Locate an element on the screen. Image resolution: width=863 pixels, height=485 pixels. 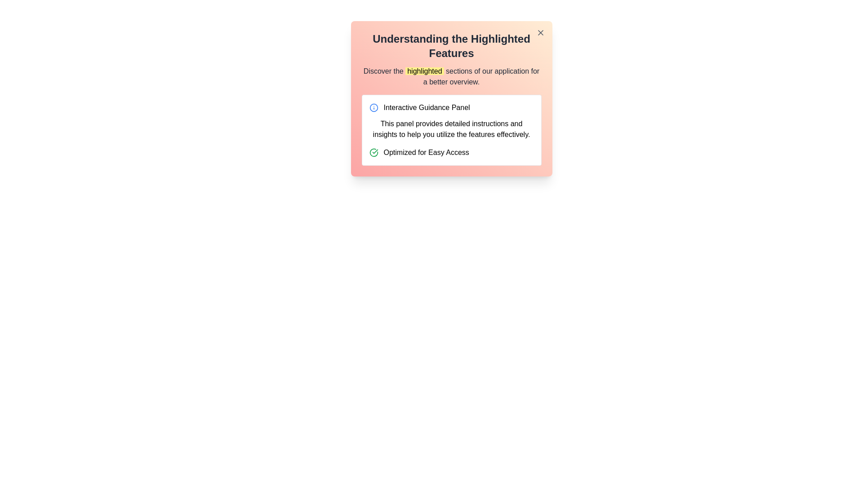
the Symbolic icon that represents the 'Interactive Guidance Panel' section, positioned to the left of the corresponding text is located at coordinates (374, 107).